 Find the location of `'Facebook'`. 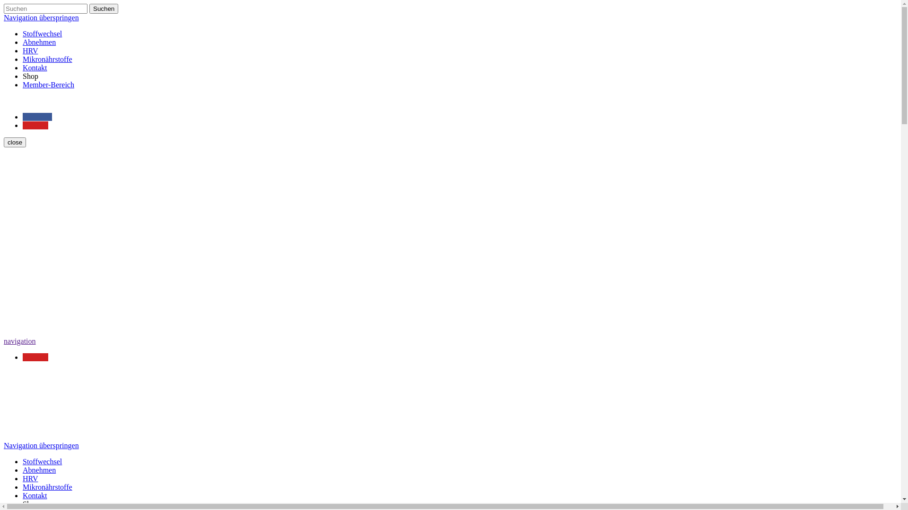

'Facebook' is located at coordinates (23, 116).